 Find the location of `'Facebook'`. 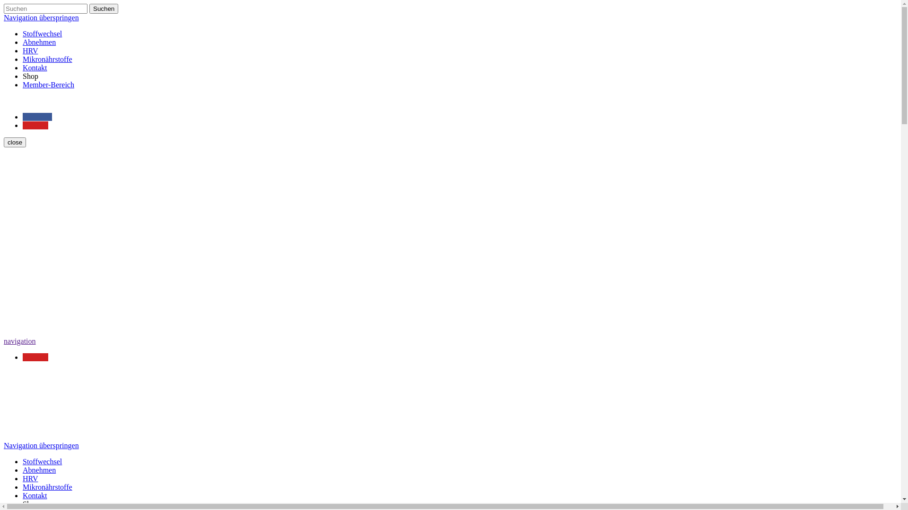

'Facebook' is located at coordinates (23, 116).